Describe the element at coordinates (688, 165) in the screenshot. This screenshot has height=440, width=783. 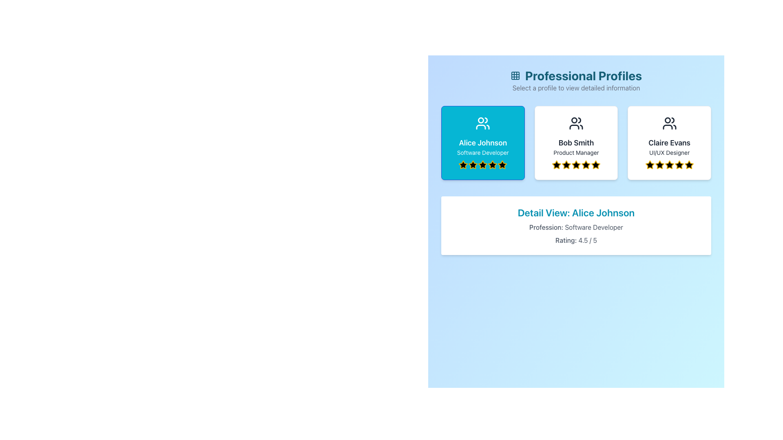
I see `the fifth star icon filled with yellow and outlined in black, used for rating below the profile labeled 'Claire Evans - UI/UX Designer'` at that location.